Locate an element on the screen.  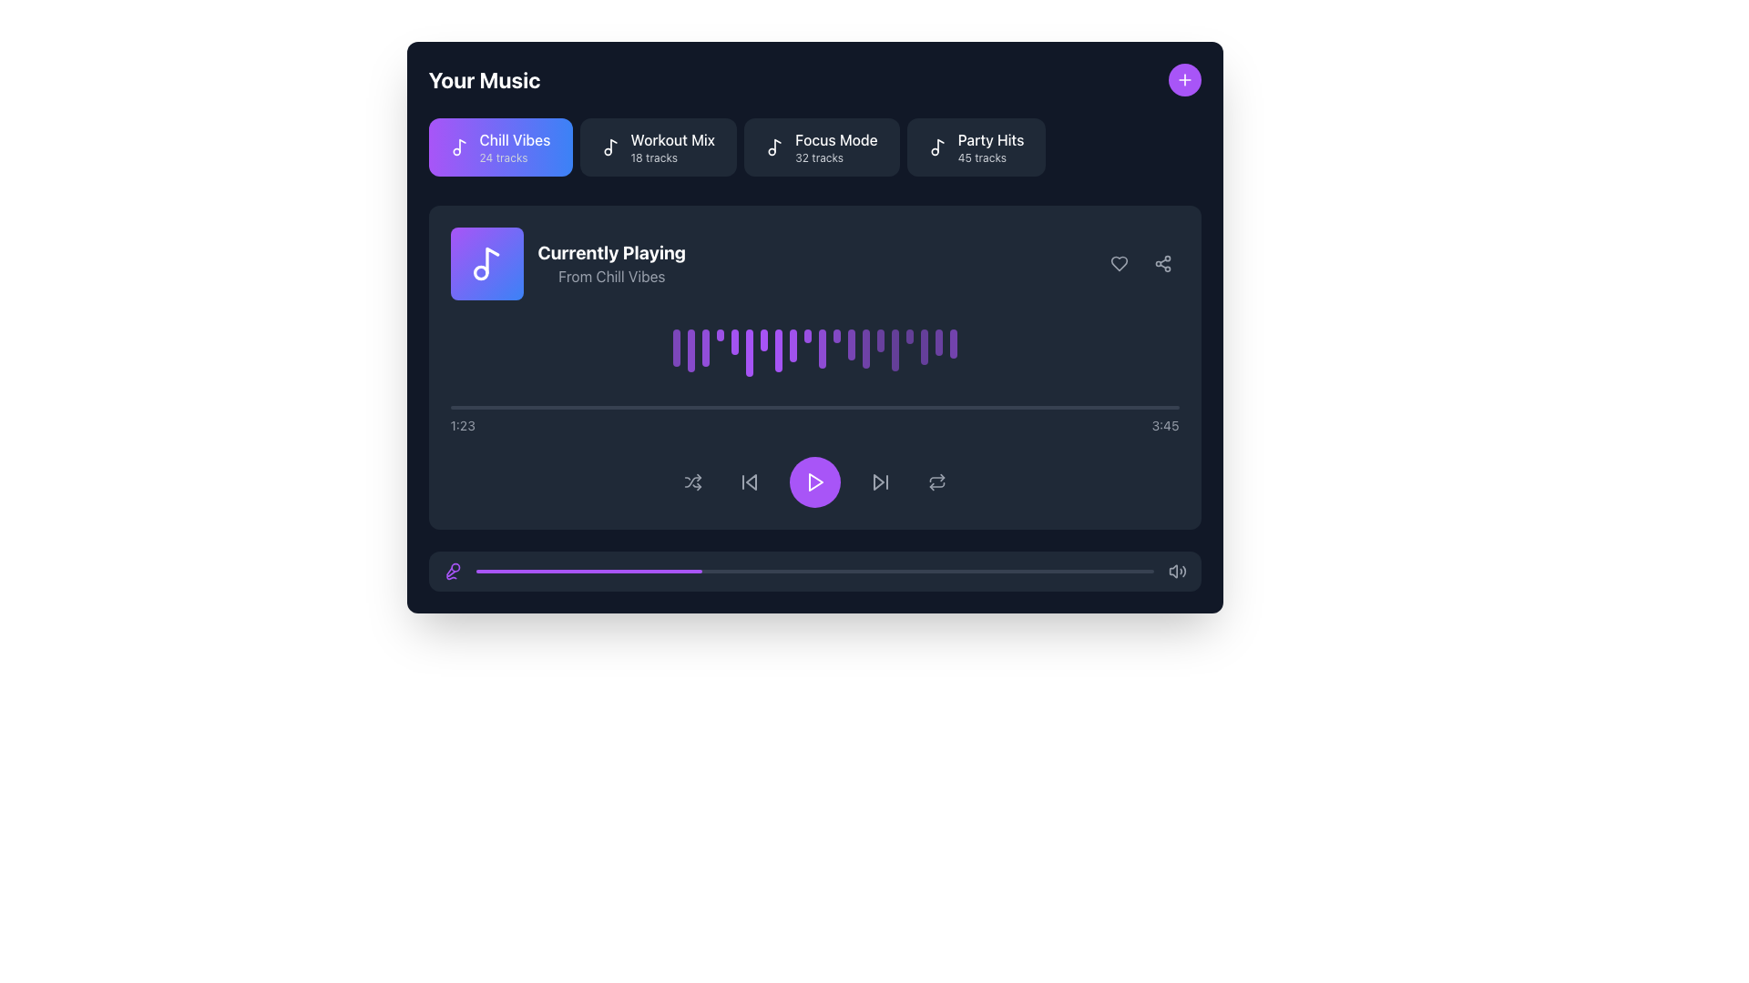
the music progress bar is located at coordinates (733, 571).